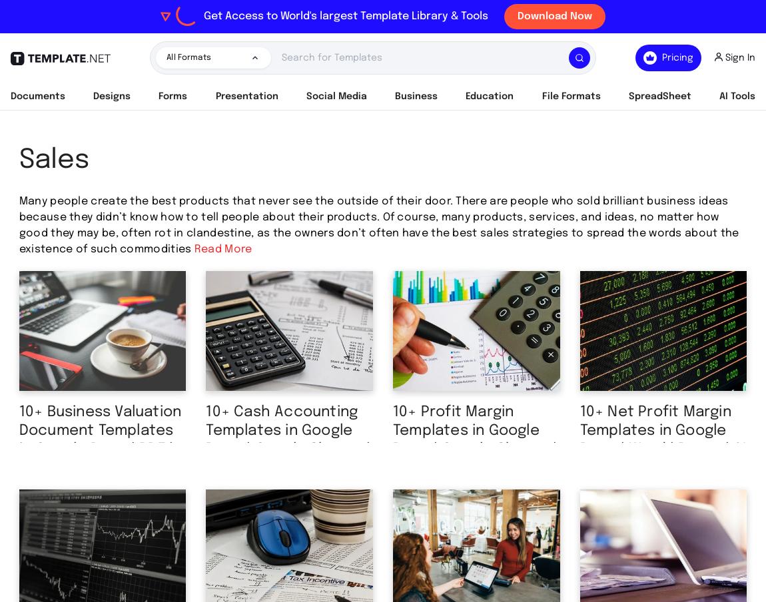 Image resolution: width=766 pixels, height=602 pixels. I want to click on 'Forms', so click(172, 96).